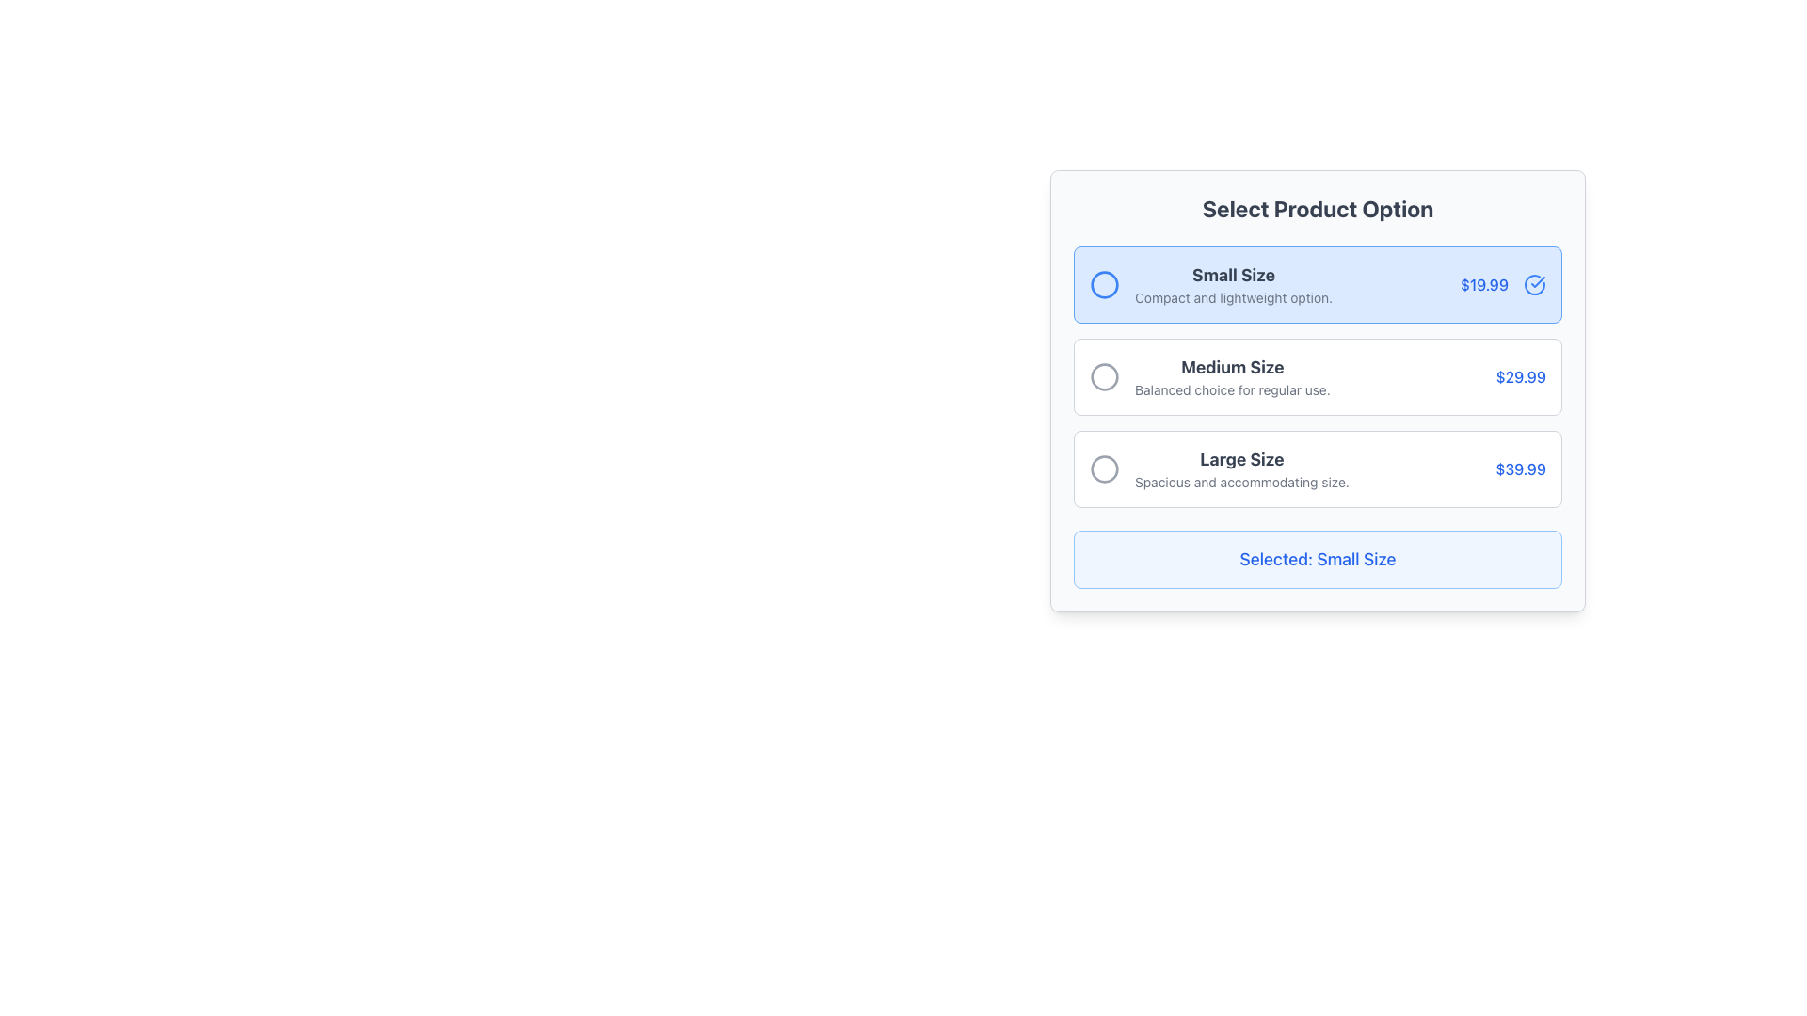 Image resolution: width=1807 pixels, height=1016 pixels. Describe the element at coordinates (1105, 285) in the screenshot. I see `the Radio Button Indicator (Circle)` at that location.